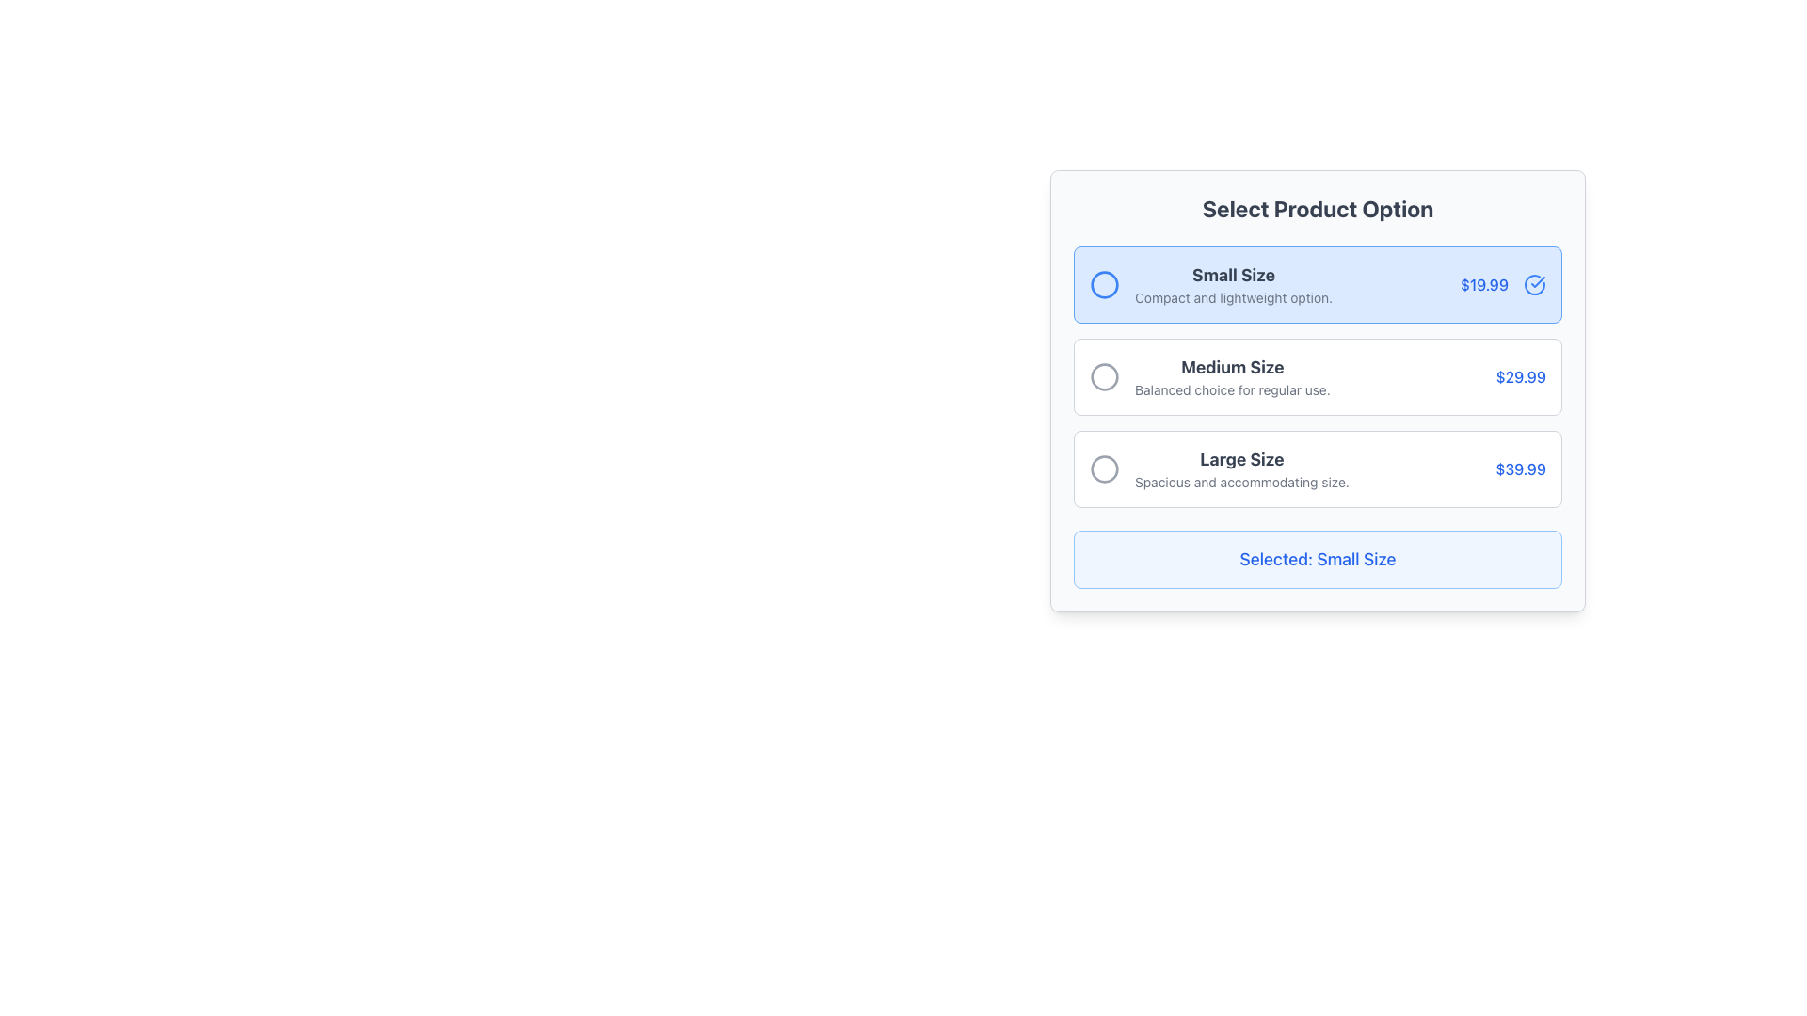 Image resolution: width=1807 pixels, height=1016 pixels. Describe the element at coordinates (1105, 285) in the screenshot. I see `the Radio Button Indicator (Circle)` at that location.